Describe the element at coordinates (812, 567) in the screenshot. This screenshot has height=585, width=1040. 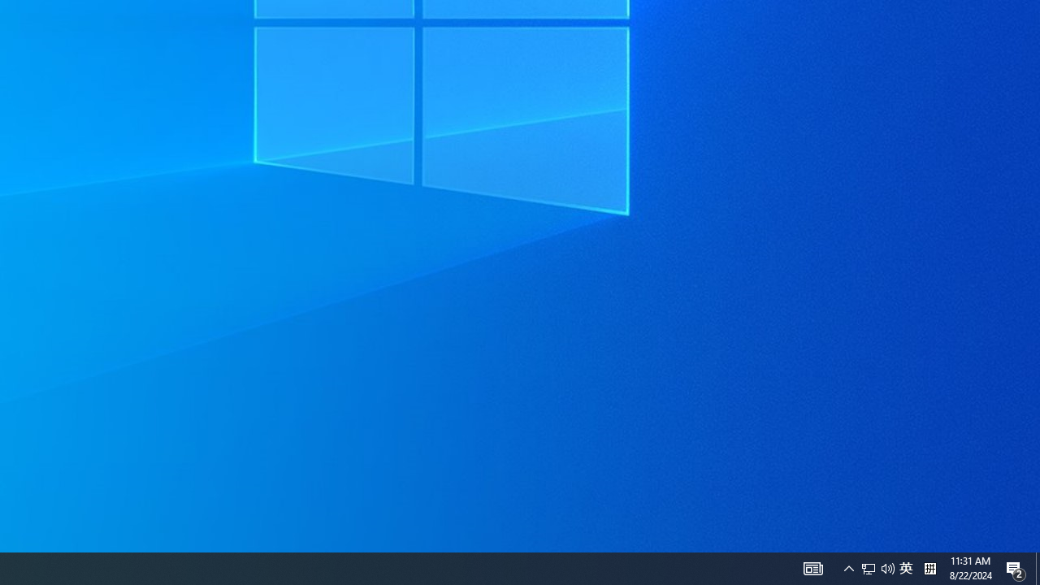
I see `'AutomationID: 4105'` at that location.